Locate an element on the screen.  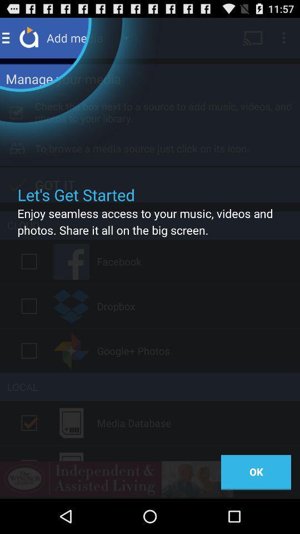
connect to app is located at coordinates (29, 350).